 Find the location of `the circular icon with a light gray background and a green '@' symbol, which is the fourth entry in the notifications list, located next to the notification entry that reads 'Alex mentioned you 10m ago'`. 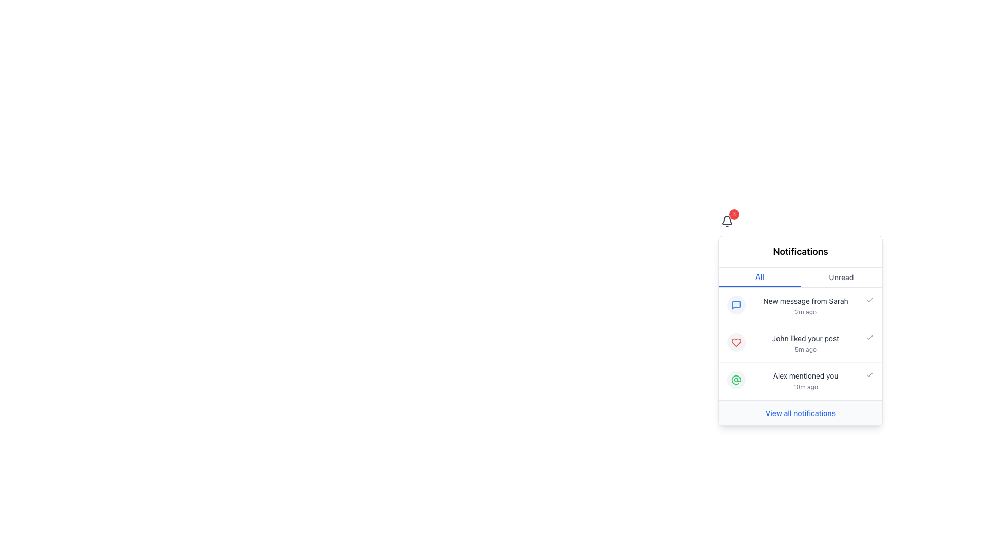

the circular icon with a light gray background and a green '@' symbol, which is the fourth entry in the notifications list, located next to the notification entry that reads 'Alex mentioned you 10m ago' is located at coordinates (736, 380).